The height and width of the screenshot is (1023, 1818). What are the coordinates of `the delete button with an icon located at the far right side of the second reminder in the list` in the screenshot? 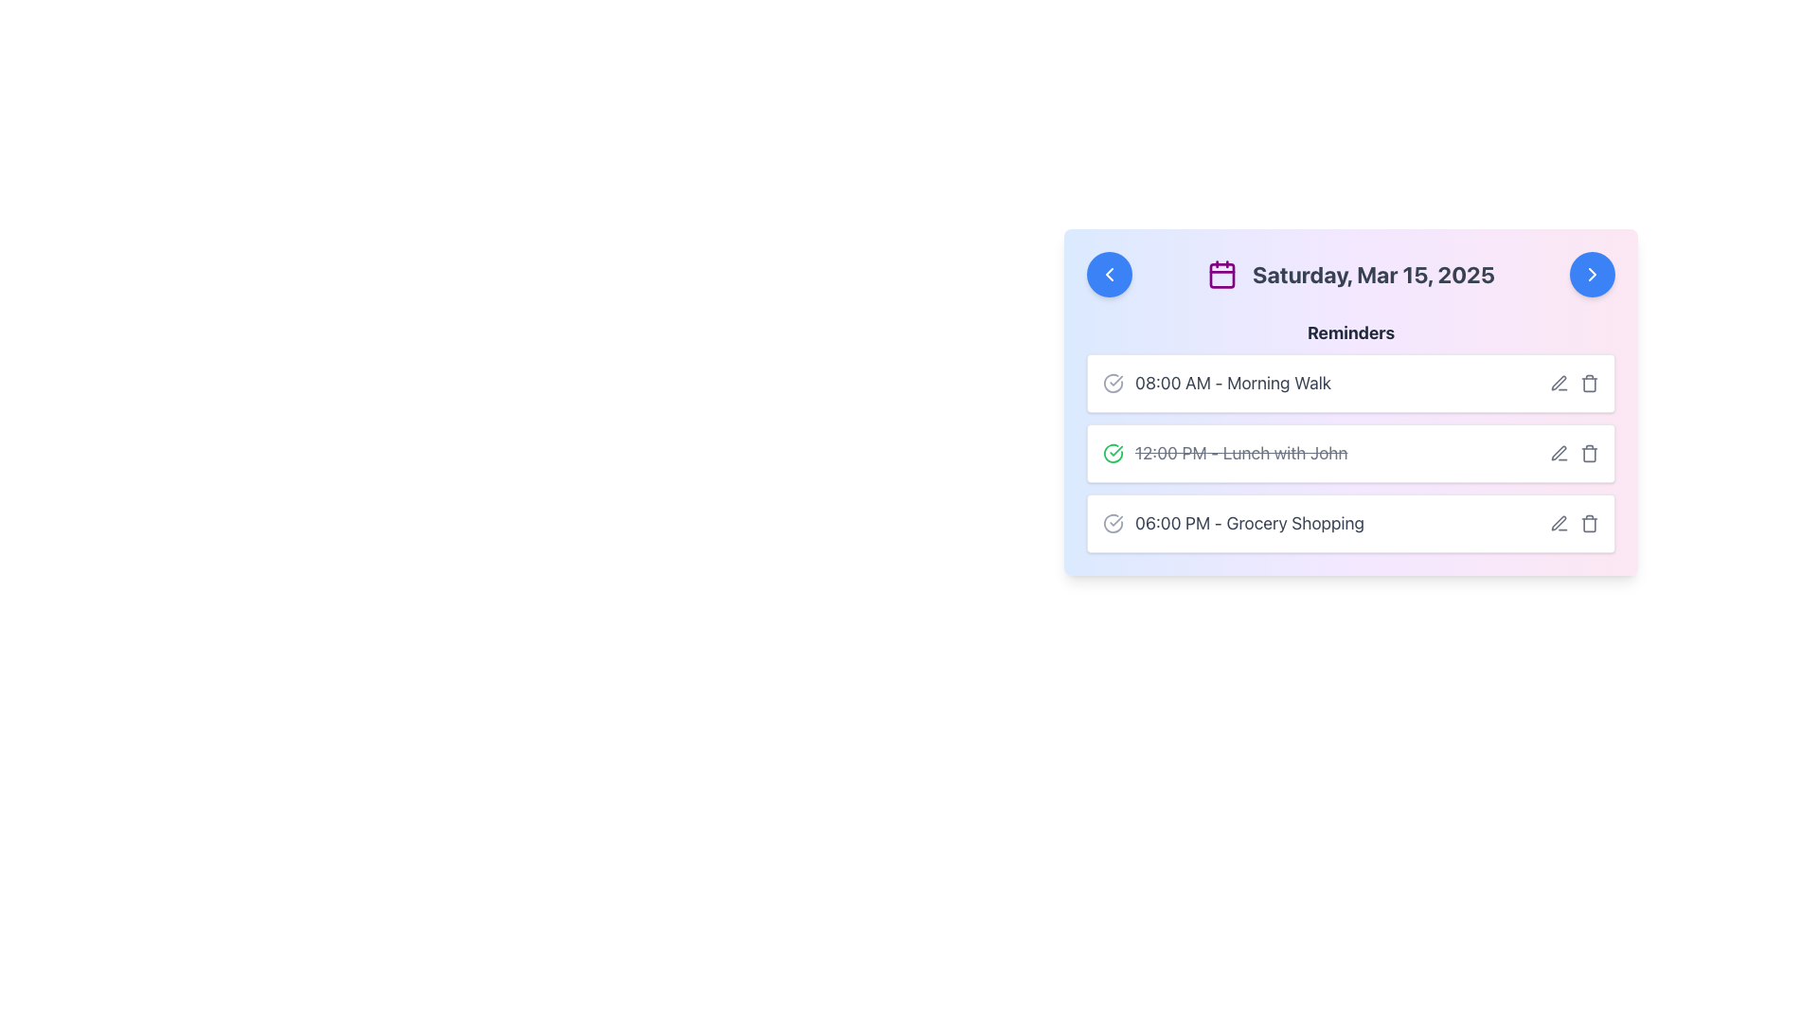 It's located at (1590, 453).